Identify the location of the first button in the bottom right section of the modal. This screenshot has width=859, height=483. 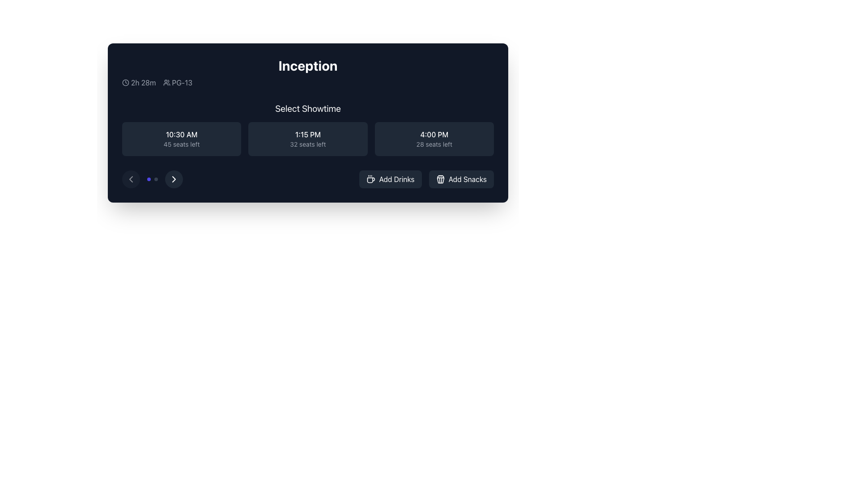
(391, 179).